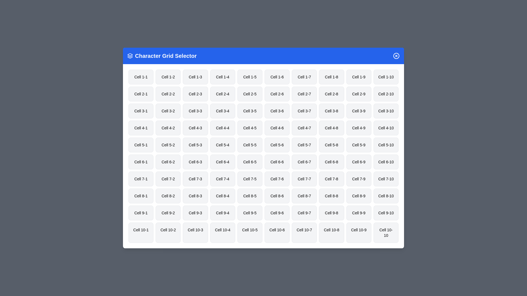 The height and width of the screenshot is (296, 527). Describe the element at coordinates (396, 56) in the screenshot. I see `the close button to close the dialog` at that location.